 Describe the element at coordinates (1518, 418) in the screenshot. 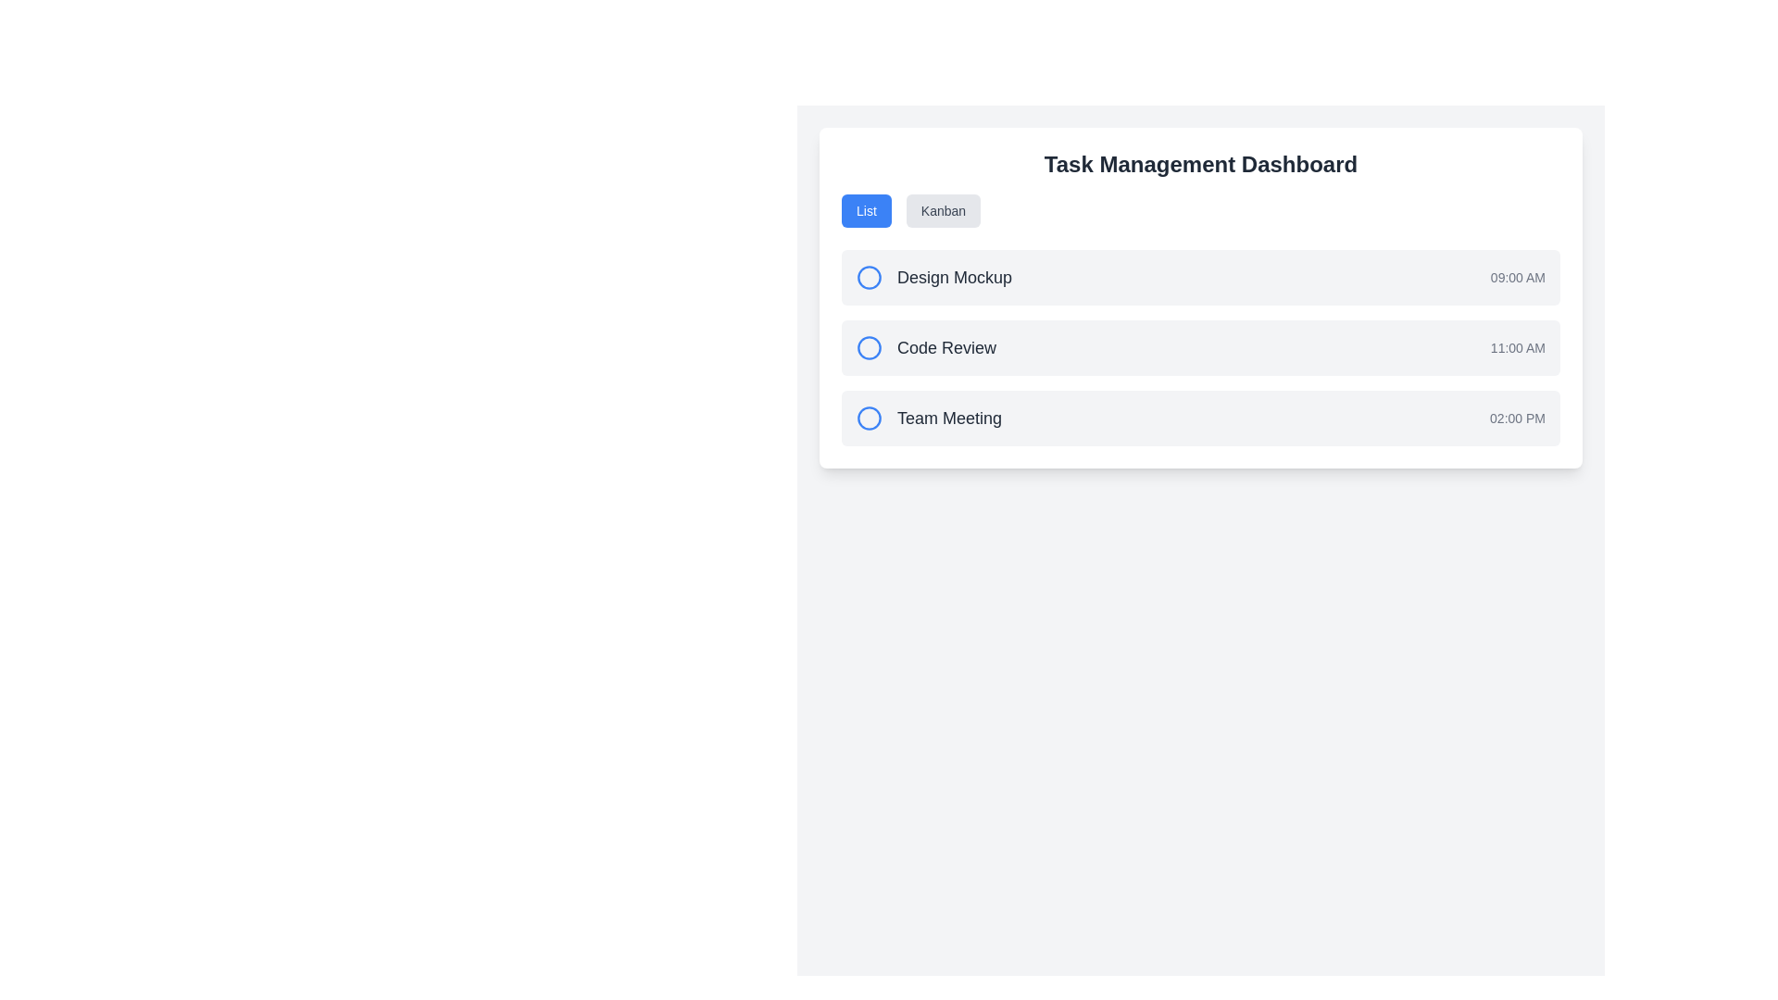

I see `the timestamp text label displaying '02:00 PM', which is located on the far right of the 'Team Meeting' row in a smaller gray font` at that location.